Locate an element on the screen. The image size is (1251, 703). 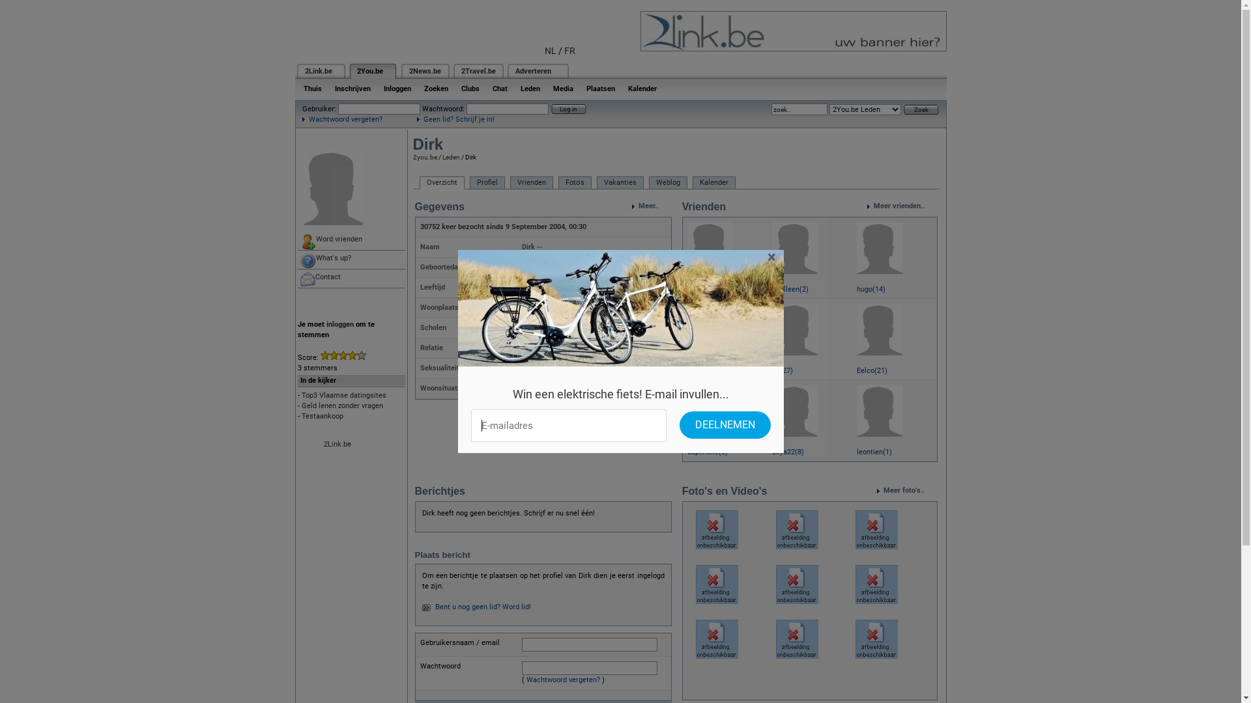
'Chat' is located at coordinates (499, 88).